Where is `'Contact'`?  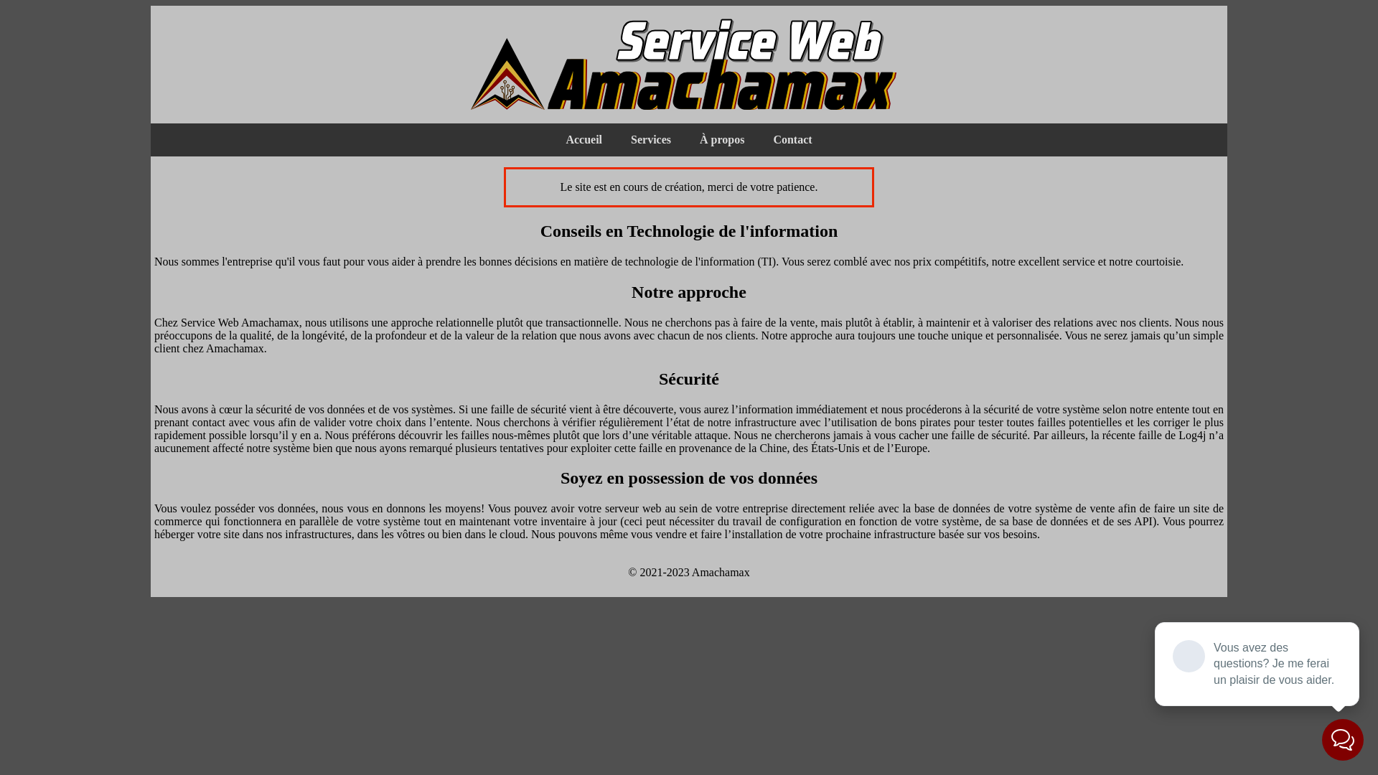
'Contact' is located at coordinates (792, 140).